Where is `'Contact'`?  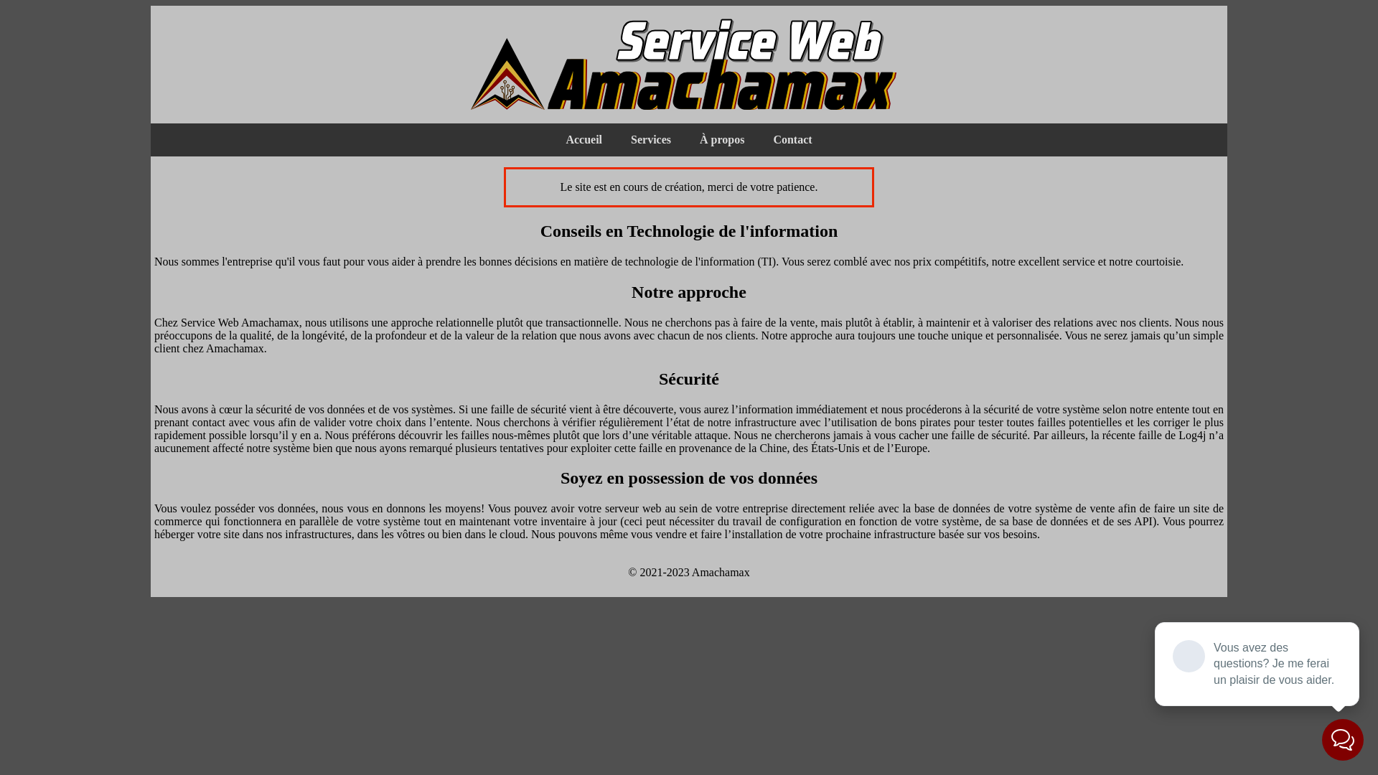
'Contact' is located at coordinates (792, 140).